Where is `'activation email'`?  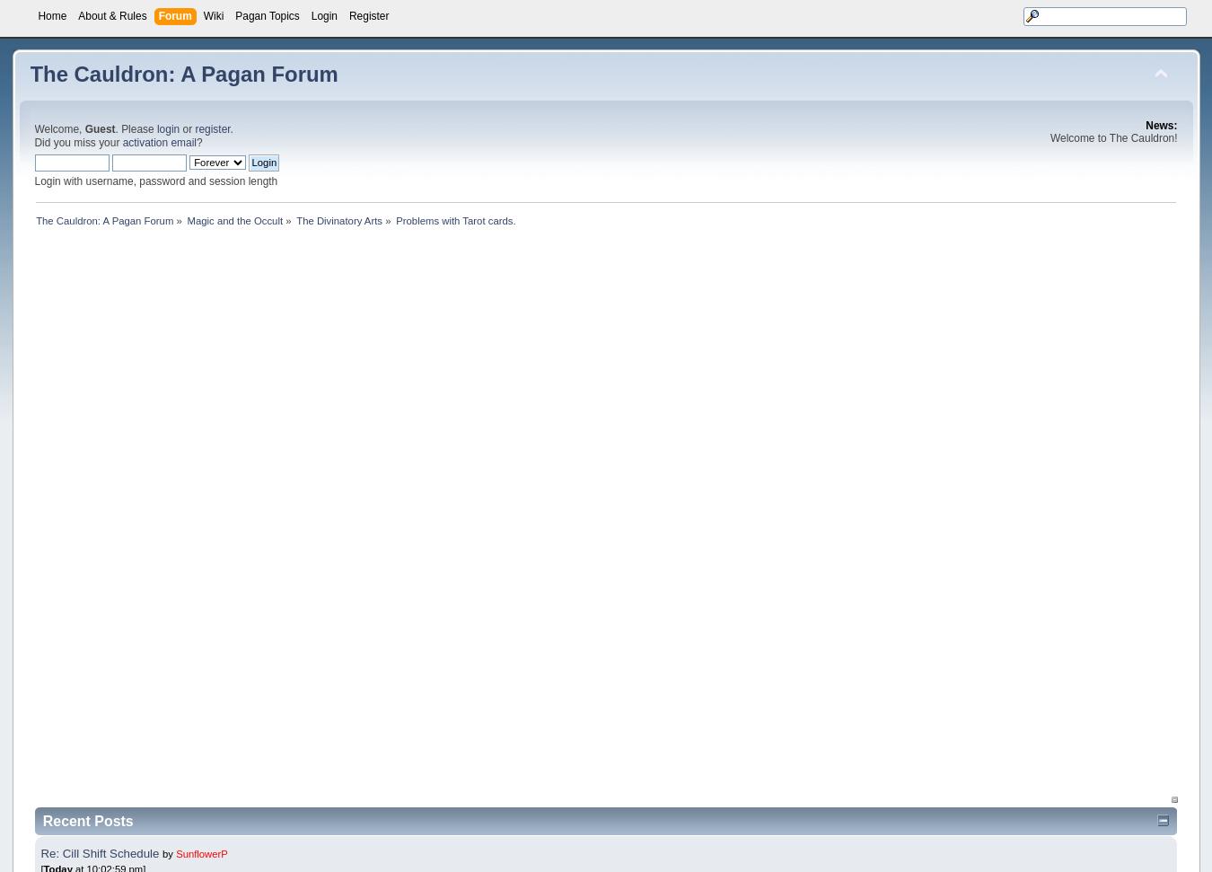
'activation email' is located at coordinates (158, 142).